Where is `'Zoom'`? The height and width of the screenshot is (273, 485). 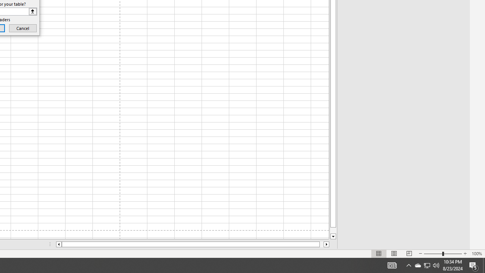 'Zoom' is located at coordinates (443, 254).